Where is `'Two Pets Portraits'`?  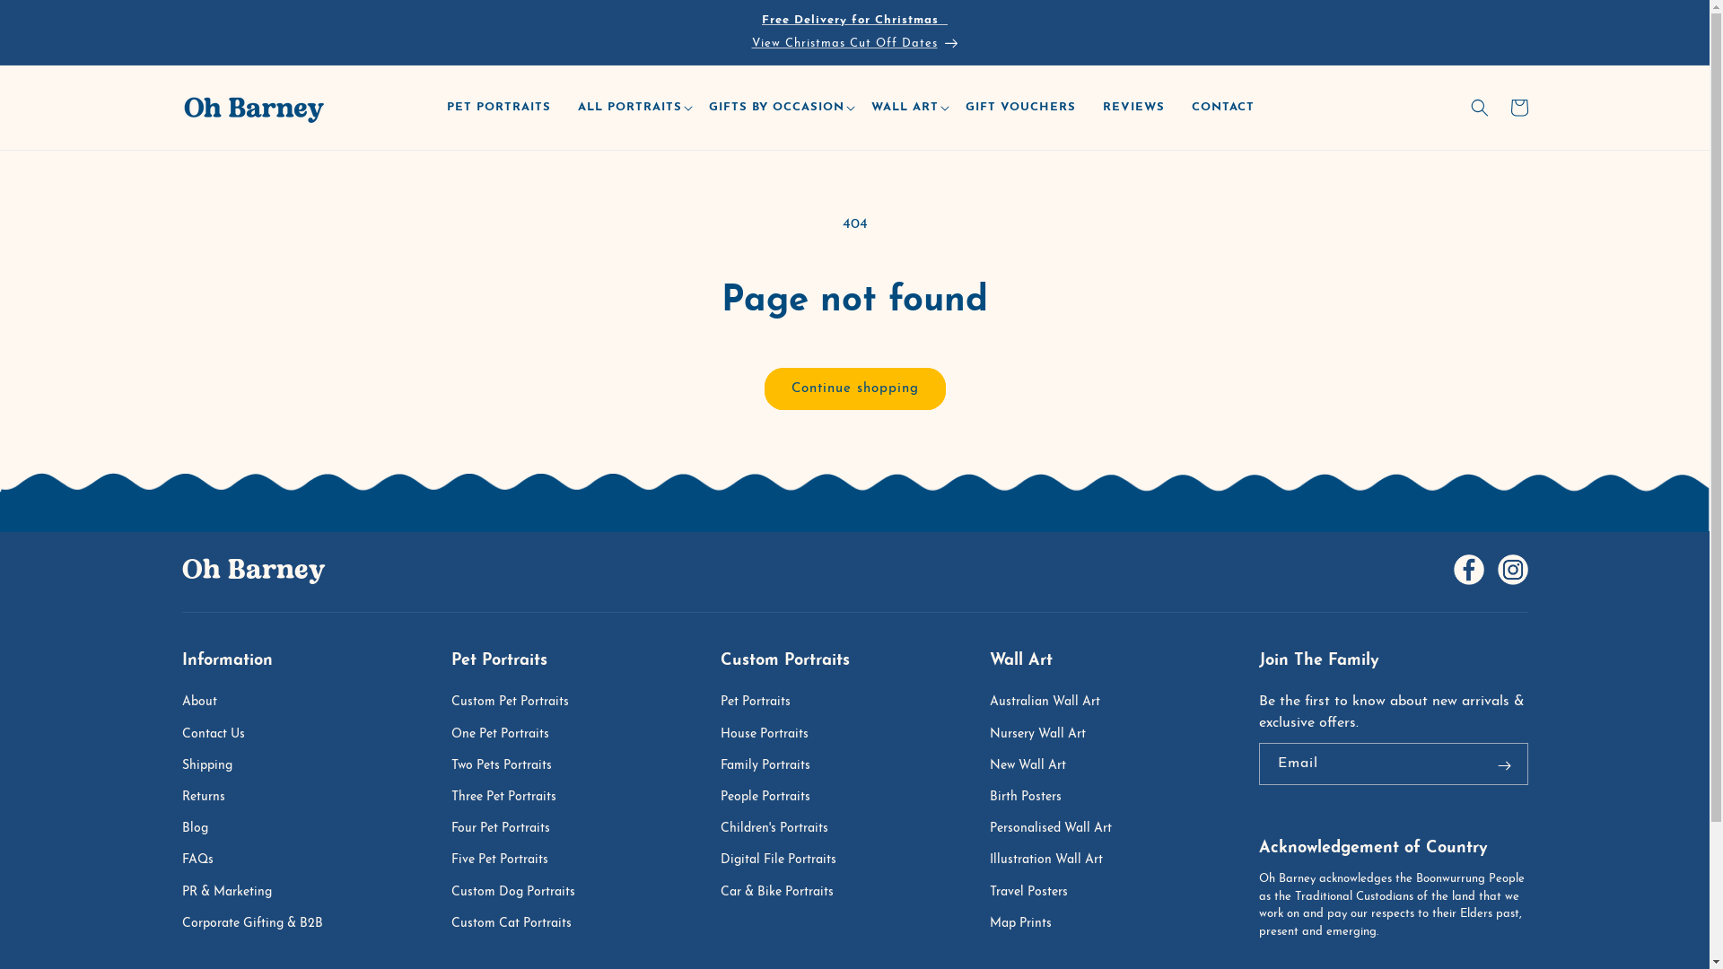 'Two Pets Portraits' is located at coordinates (508, 765).